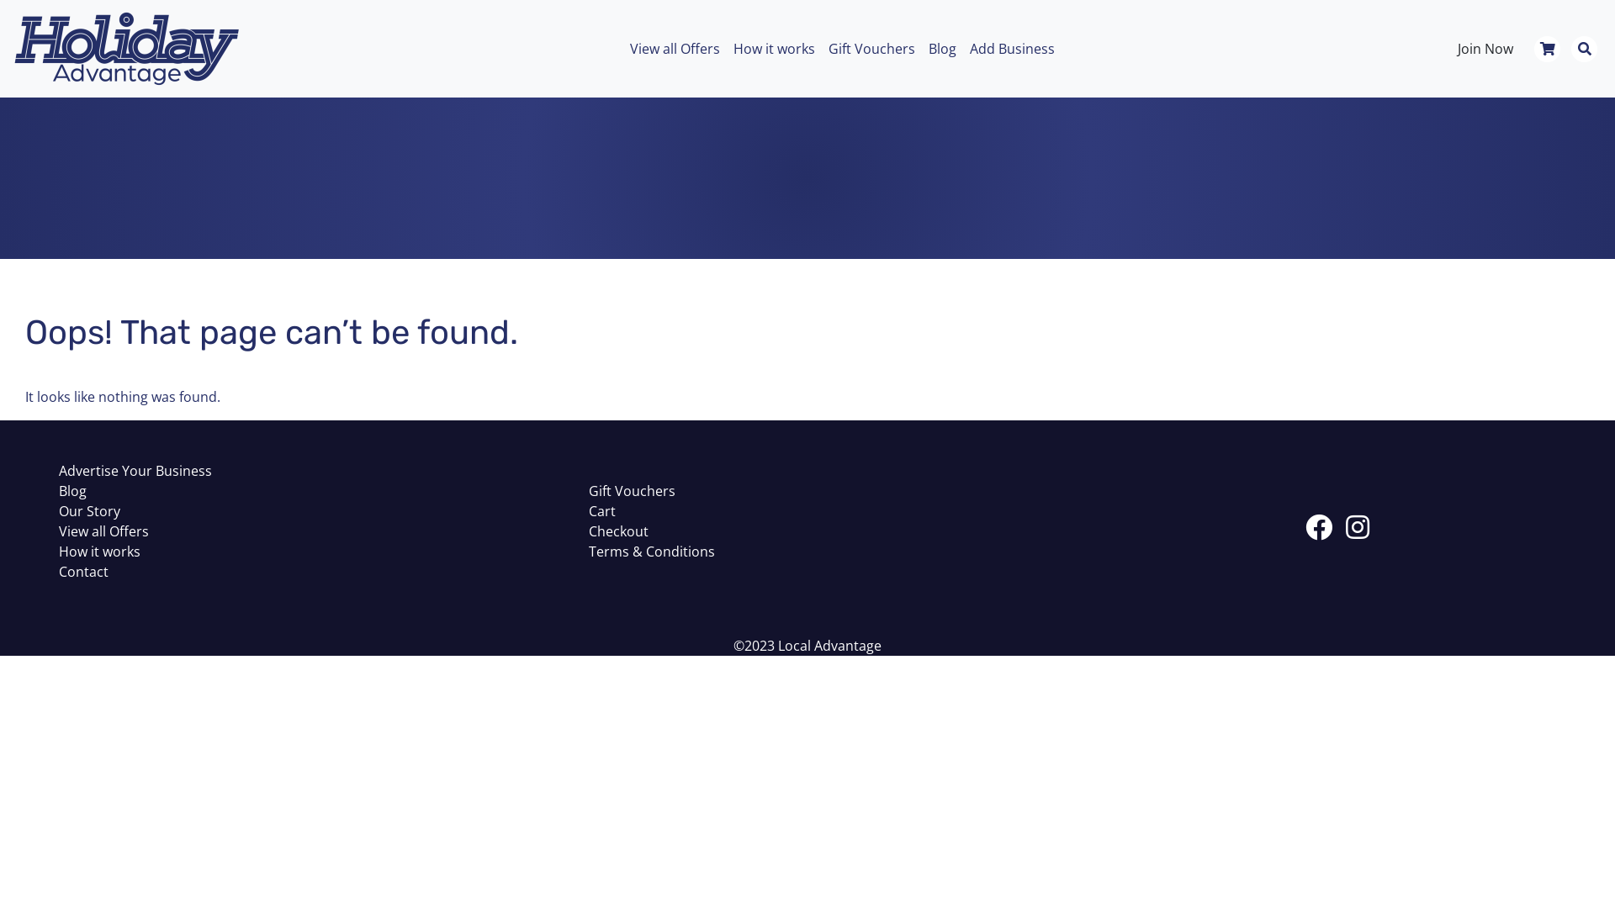 The image size is (1615, 908). What do you see at coordinates (942, 47) in the screenshot?
I see `'Blog'` at bounding box center [942, 47].